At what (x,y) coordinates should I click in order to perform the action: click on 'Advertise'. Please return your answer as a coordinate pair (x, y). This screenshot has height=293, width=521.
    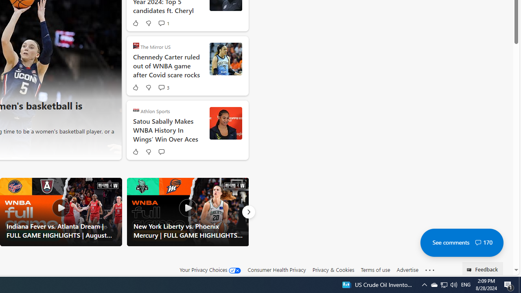
    Looking at the image, I should click on (407, 269).